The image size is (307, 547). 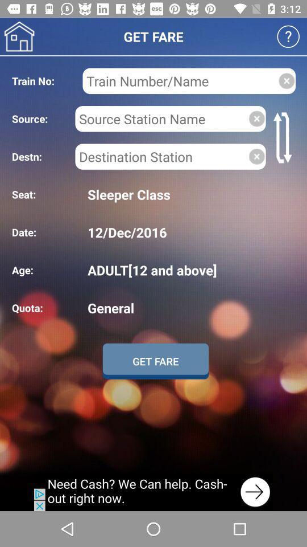 I want to click on clear destn textbox, so click(x=256, y=156).